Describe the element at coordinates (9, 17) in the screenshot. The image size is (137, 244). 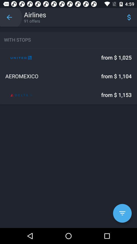
I see `icon to the left of the airlines` at that location.